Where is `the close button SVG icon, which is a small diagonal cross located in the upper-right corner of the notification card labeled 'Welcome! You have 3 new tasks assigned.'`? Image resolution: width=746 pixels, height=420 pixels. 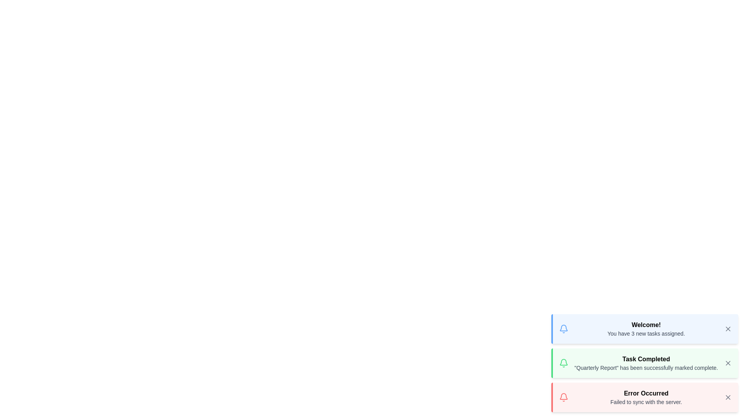
the close button SVG icon, which is a small diagonal cross located in the upper-right corner of the notification card labeled 'Welcome! You have 3 new tasks assigned.' is located at coordinates (727, 329).